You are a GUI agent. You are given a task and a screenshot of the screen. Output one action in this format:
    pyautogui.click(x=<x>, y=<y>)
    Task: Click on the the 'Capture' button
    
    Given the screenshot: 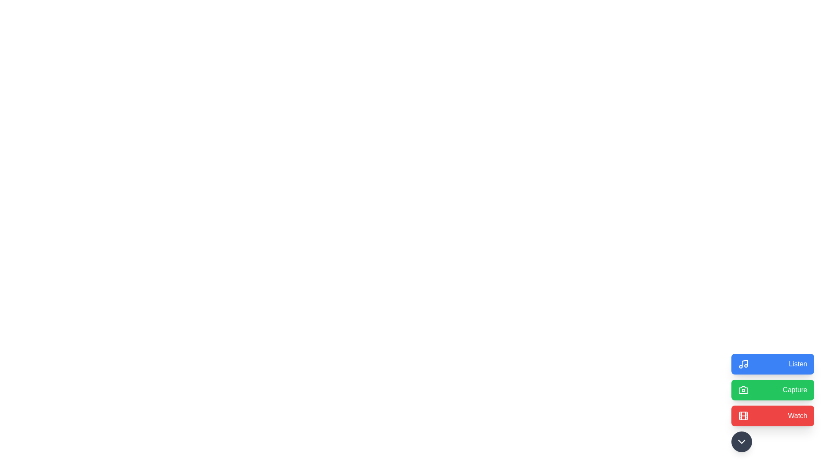 What is the action you would take?
    pyautogui.click(x=772, y=390)
    